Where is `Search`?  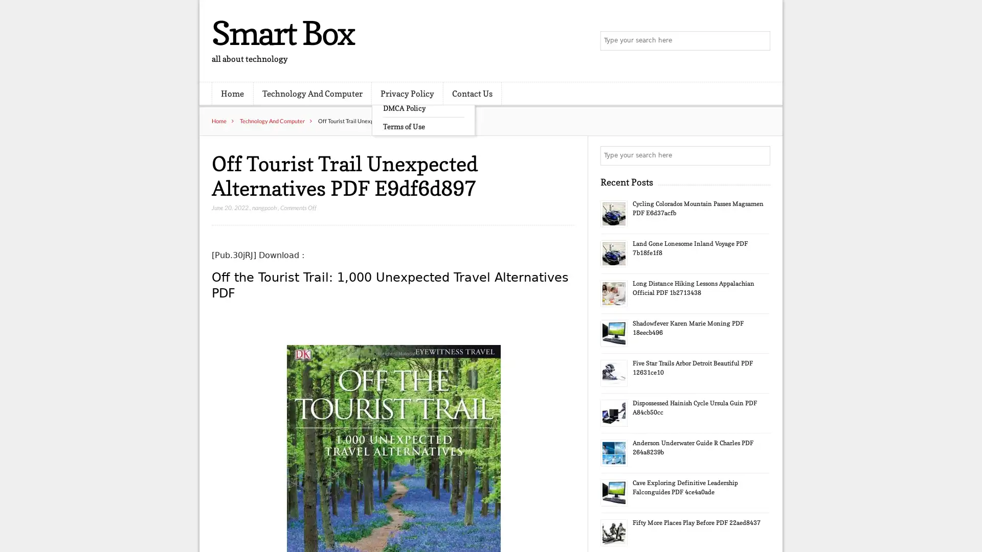 Search is located at coordinates (760, 155).